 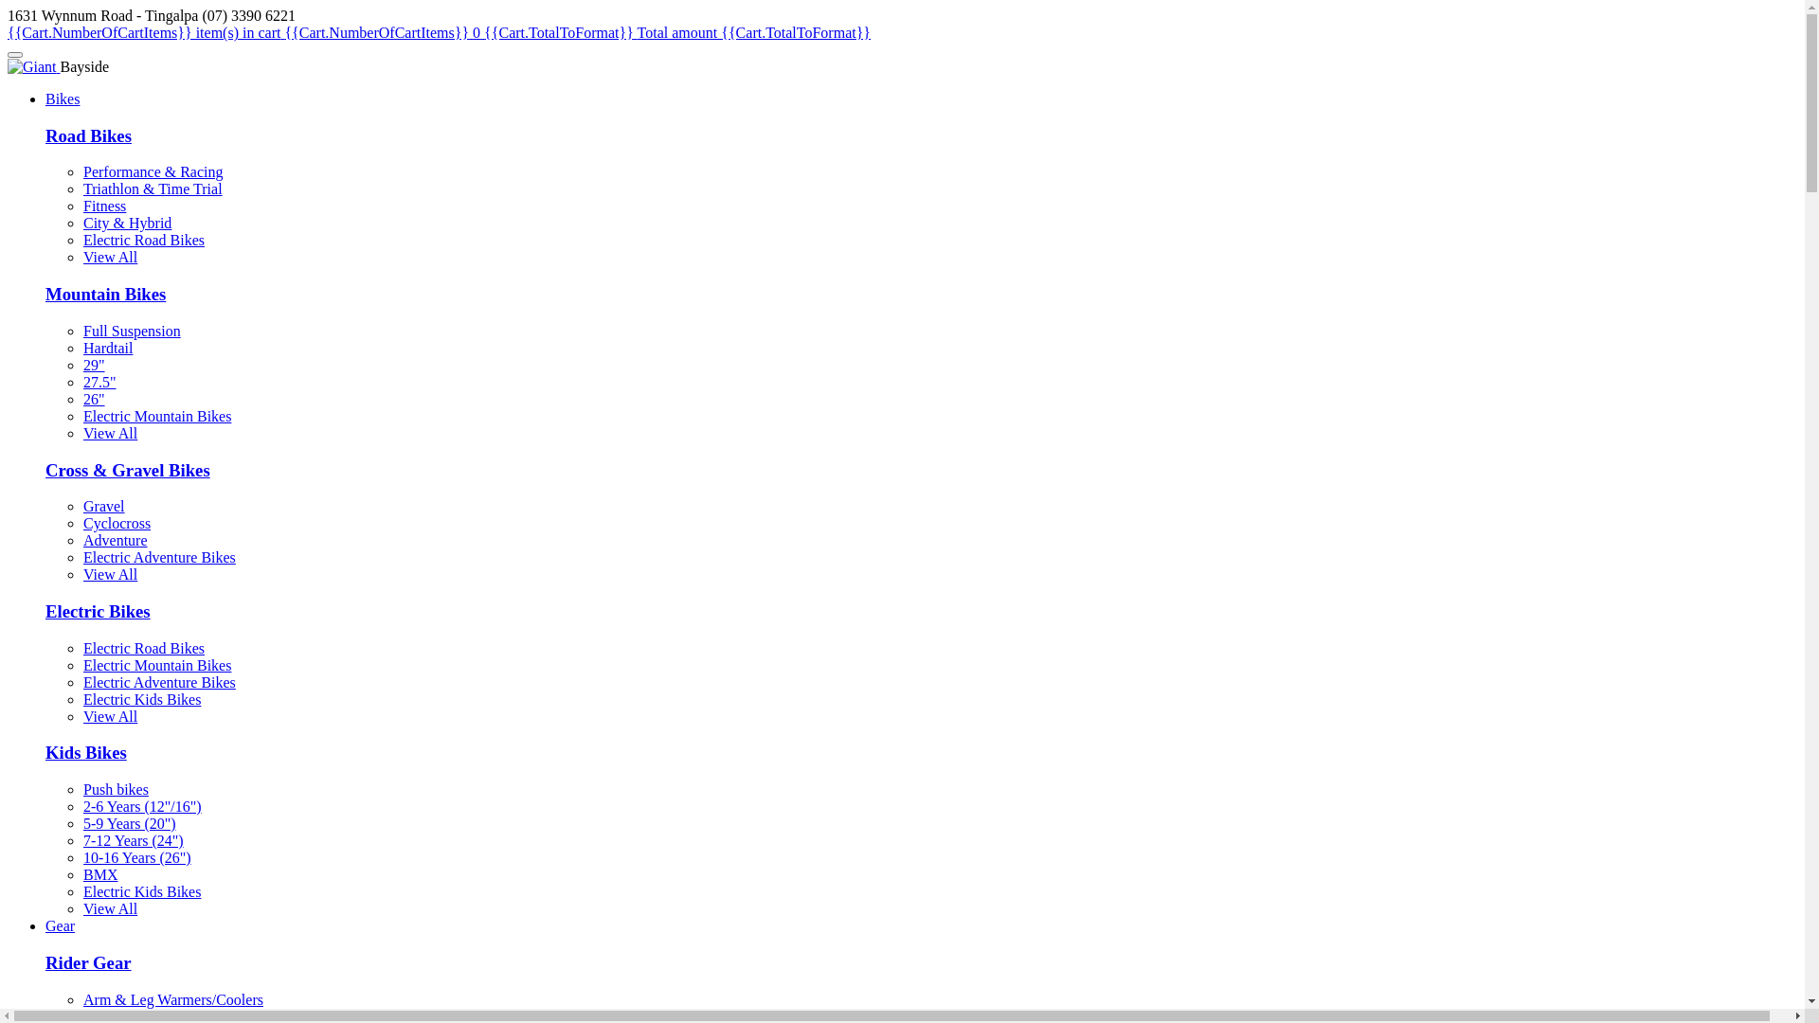 I want to click on '29"', so click(x=93, y=365).